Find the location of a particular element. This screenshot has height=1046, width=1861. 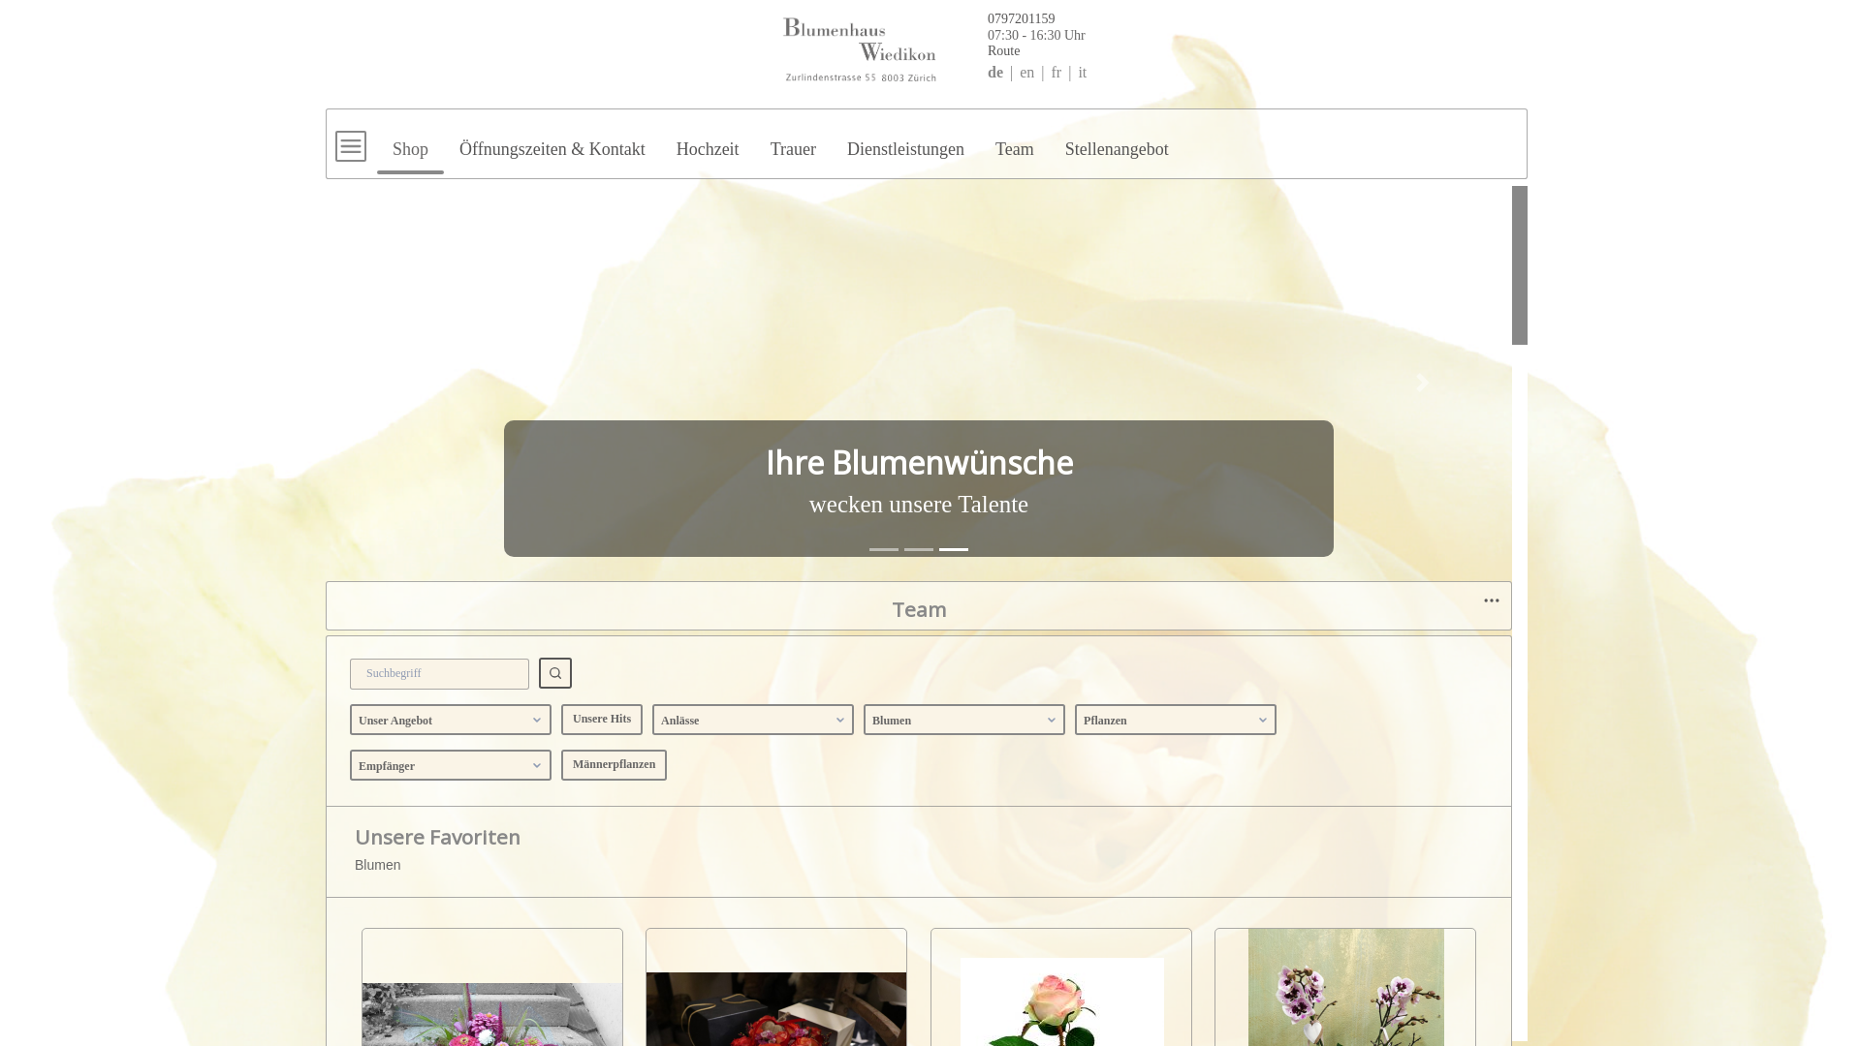

'Shop' is located at coordinates (409, 139).